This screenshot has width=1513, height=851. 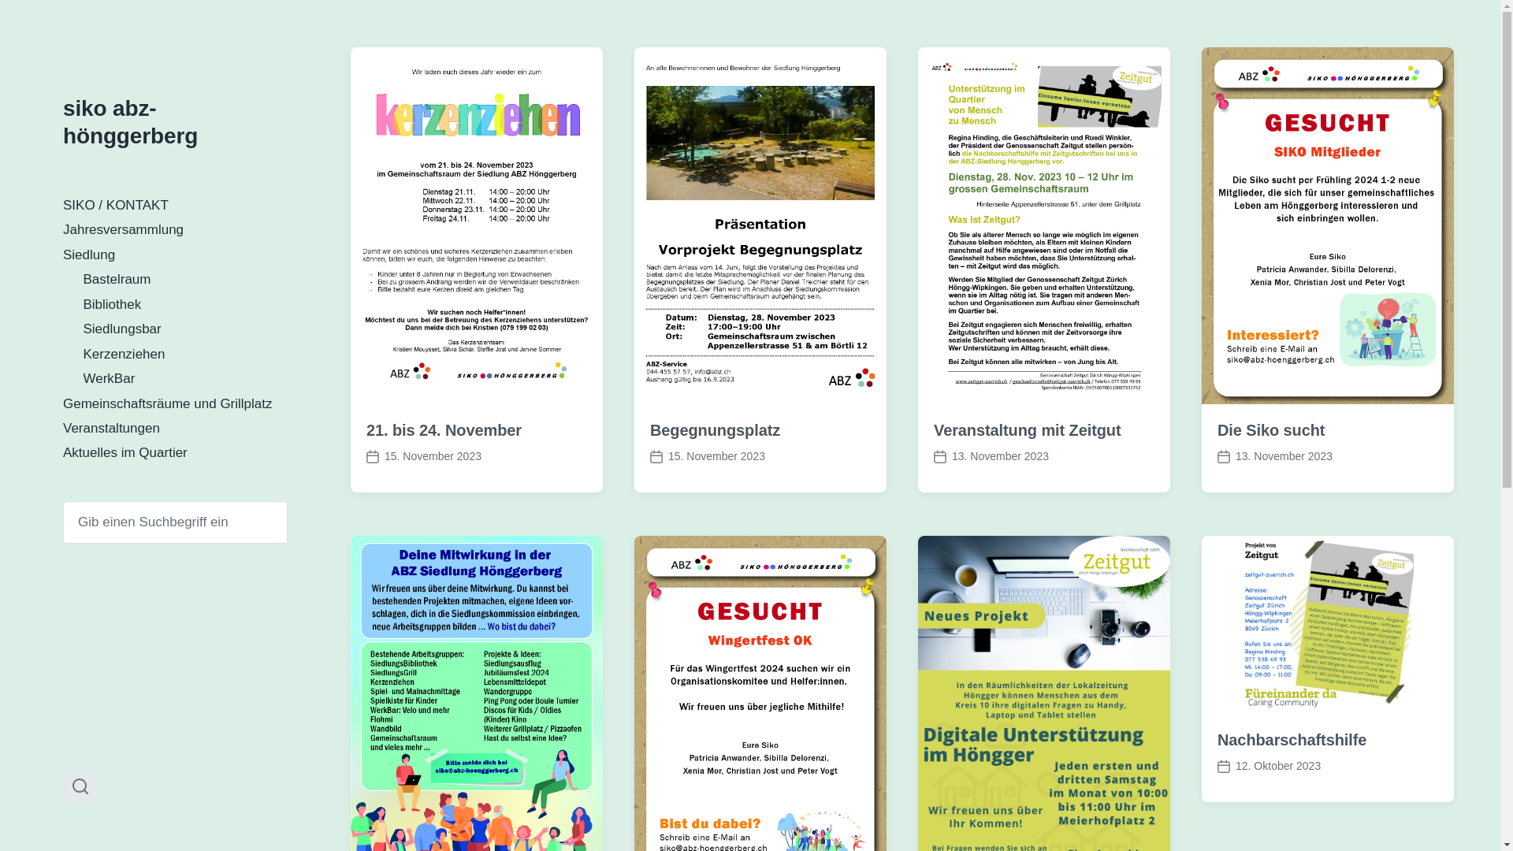 What do you see at coordinates (116, 278) in the screenshot?
I see `'Bastelraum'` at bounding box center [116, 278].